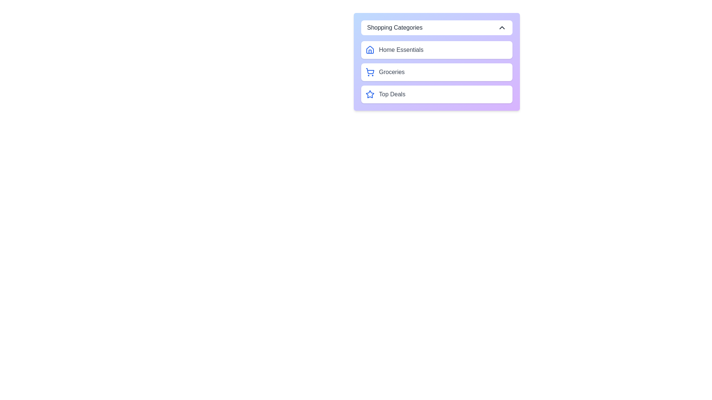 The image size is (712, 400). I want to click on the category Top Deals, so click(436, 94).